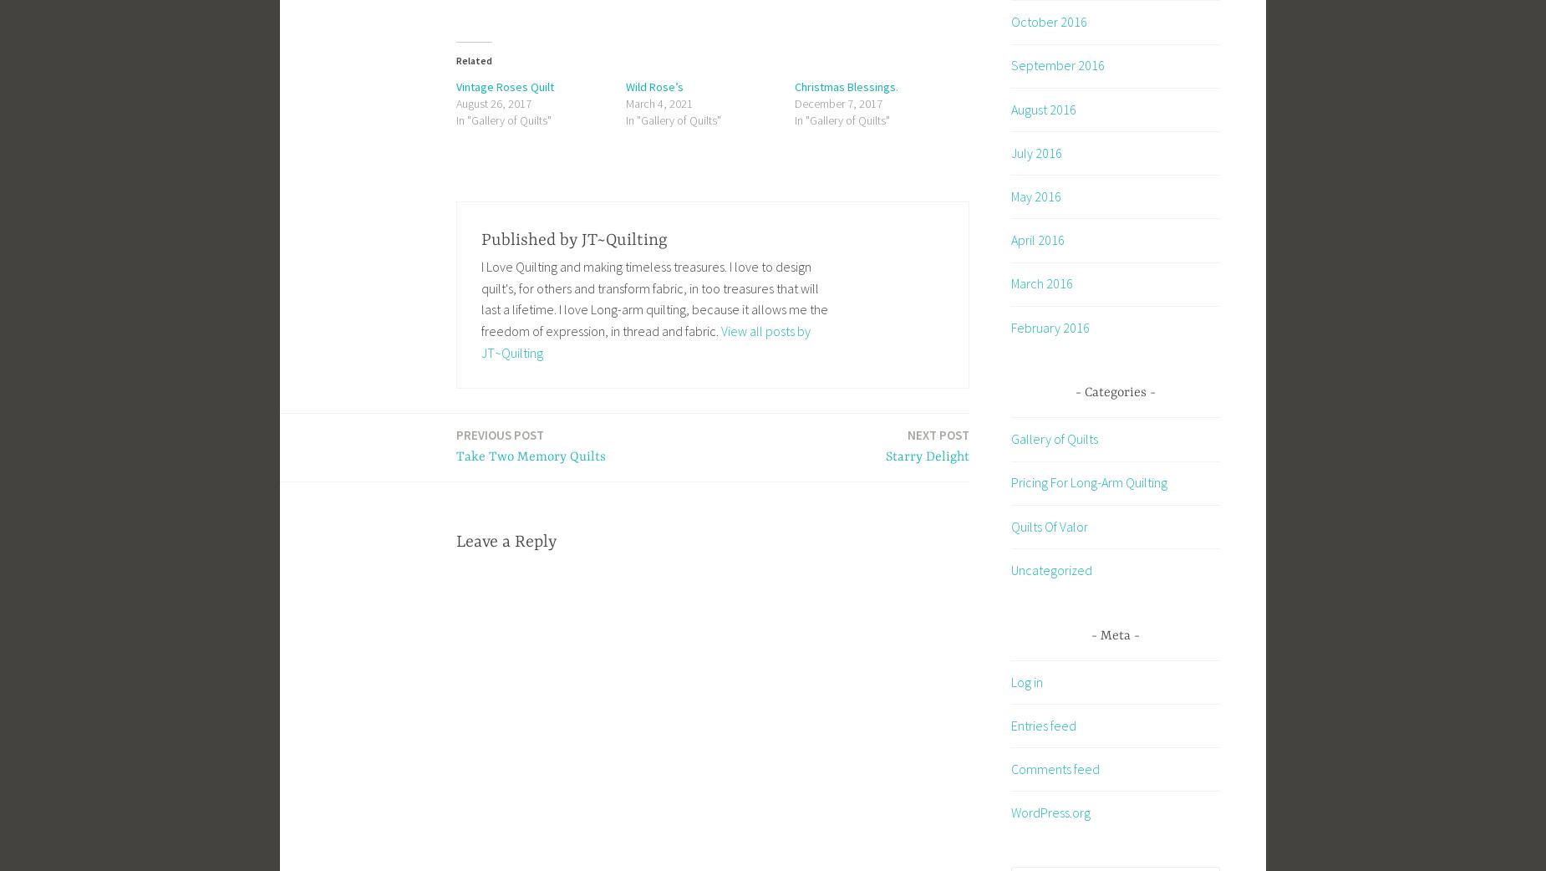  I want to click on 'Published by', so click(530, 240).